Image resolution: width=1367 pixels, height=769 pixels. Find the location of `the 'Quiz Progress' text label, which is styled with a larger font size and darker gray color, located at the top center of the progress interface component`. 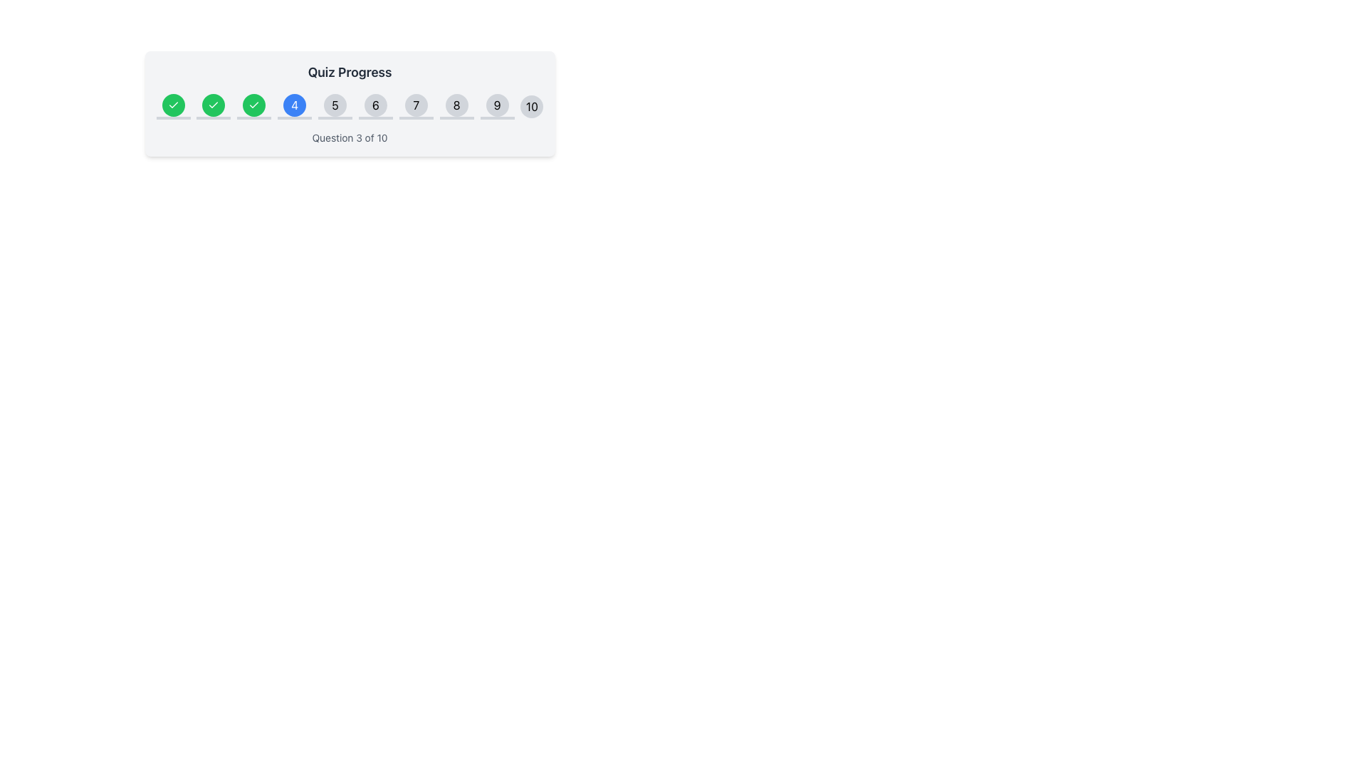

the 'Quiz Progress' text label, which is styled with a larger font size and darker gray color, located at the top center of the progress interface component is located at coordinates (350, 72).